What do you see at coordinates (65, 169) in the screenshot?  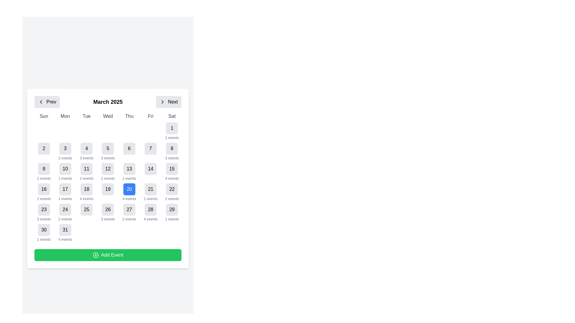 I see `the square button with rounded corners displaying the number '10'` at bounding box center [65, 169].